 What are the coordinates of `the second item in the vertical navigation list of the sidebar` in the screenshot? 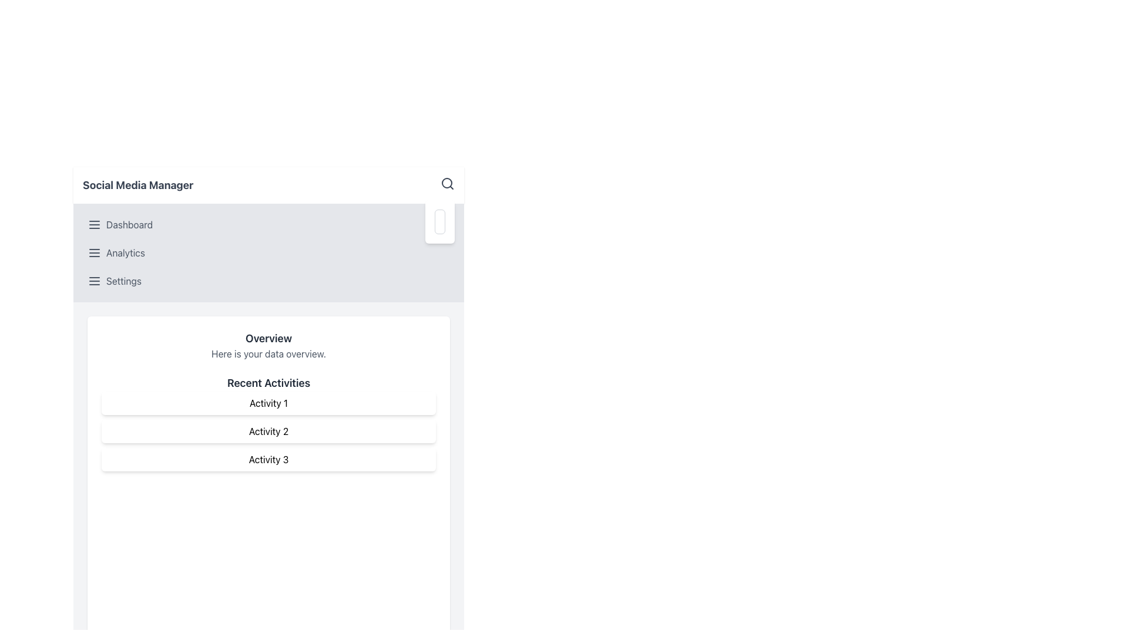 It's located at (268, 252).